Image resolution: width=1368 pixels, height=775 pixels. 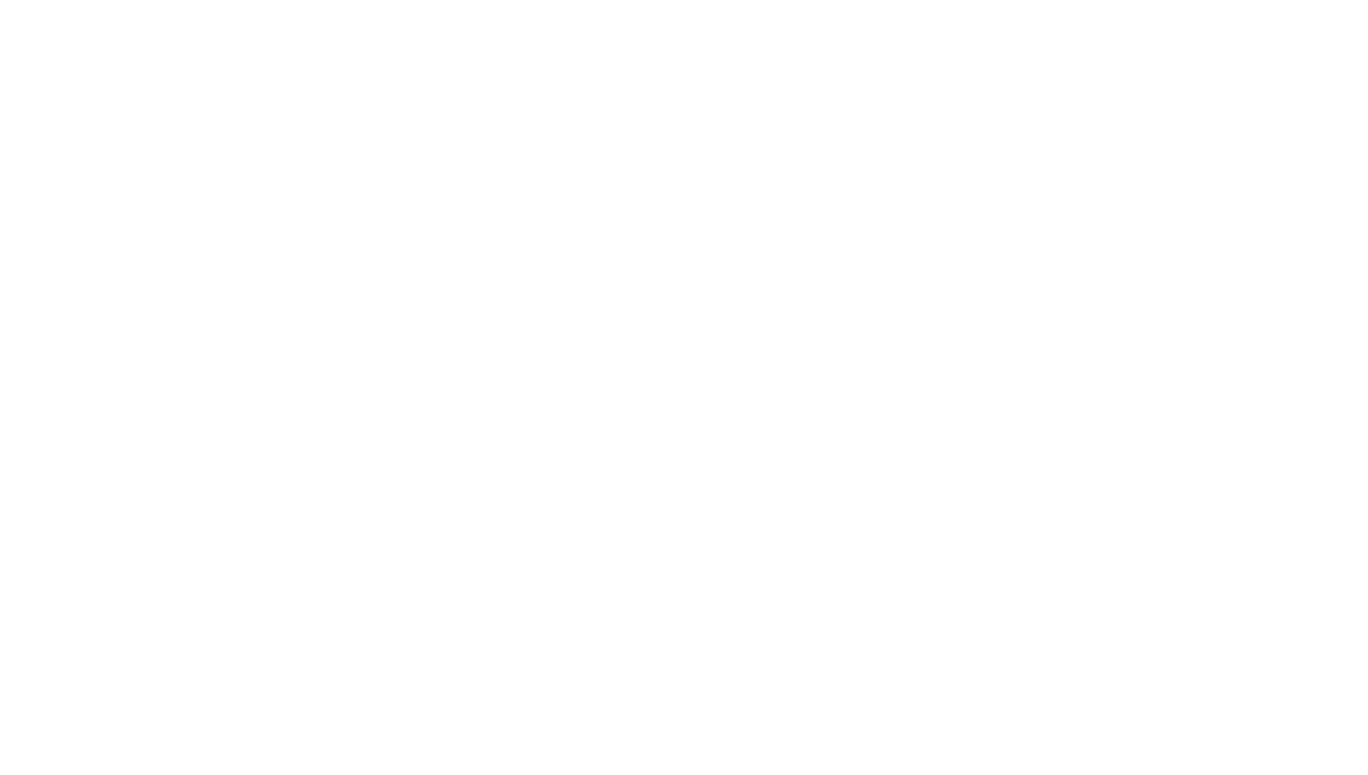 I want to click on 'Mike Levine', so click(x=498, y=669).